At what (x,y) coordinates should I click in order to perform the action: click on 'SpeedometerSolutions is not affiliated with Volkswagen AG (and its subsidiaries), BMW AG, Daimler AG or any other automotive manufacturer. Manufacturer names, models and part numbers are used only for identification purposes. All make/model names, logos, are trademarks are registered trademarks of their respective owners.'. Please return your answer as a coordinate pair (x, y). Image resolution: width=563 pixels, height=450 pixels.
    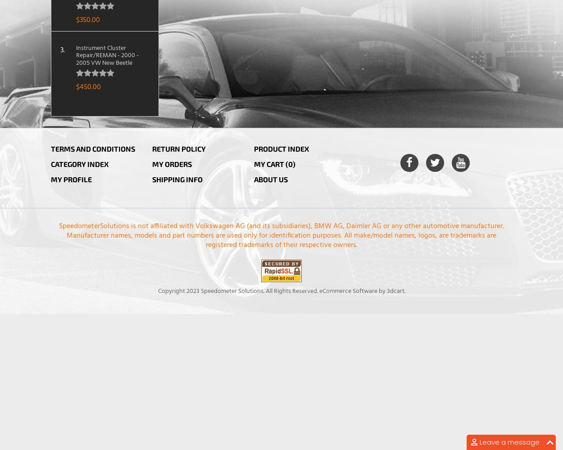
    Looking at the image, I should click on (59, 235).